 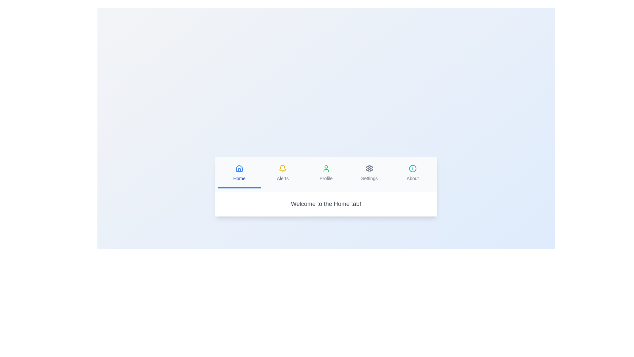 I want to click on the tab button labeled About, so click(x=412, y=173).